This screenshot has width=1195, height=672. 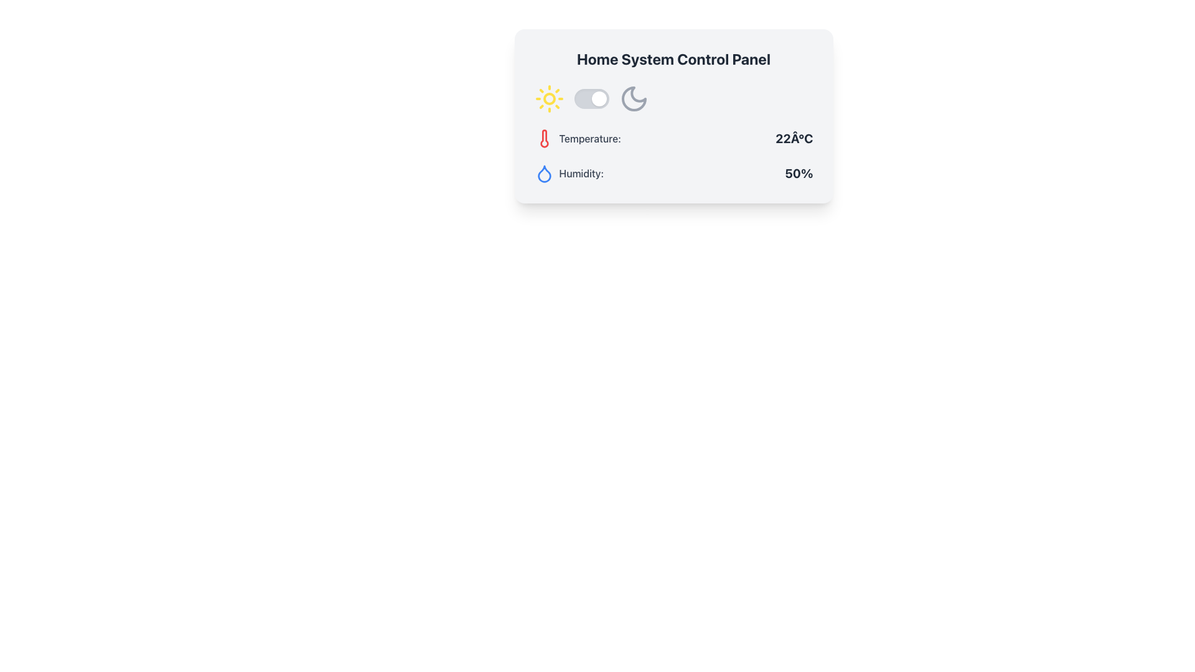 I want to click on the blue droplet-shaped icon located adjacent to the 'Humidity' label in the Home System Control Panel, so click(x=544, y=174).